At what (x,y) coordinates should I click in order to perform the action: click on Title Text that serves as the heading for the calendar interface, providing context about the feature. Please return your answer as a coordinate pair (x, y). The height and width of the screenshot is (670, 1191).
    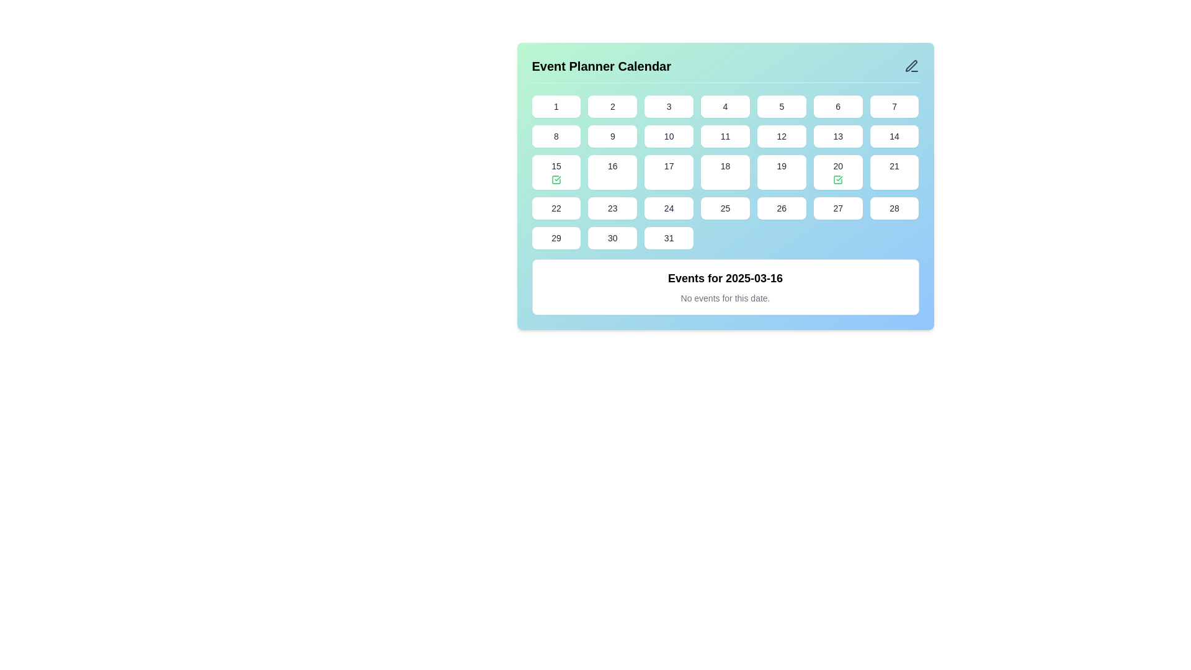
    Looking at the image, I should click on (601, 66).